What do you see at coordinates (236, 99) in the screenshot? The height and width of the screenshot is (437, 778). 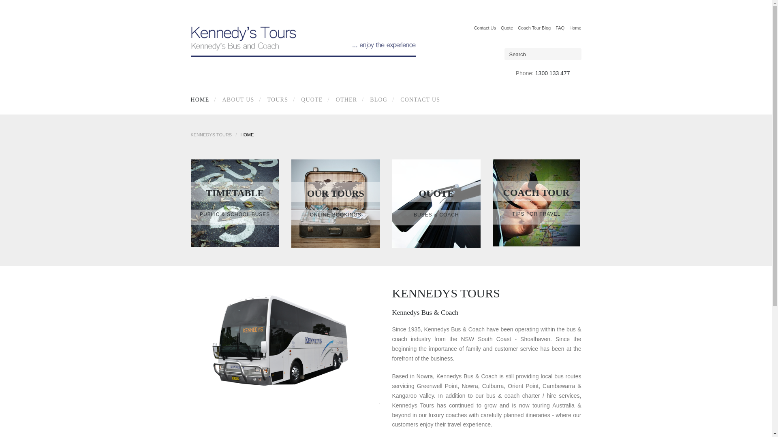 I see `'ABOUT US'` at bounding box center [236, 99].